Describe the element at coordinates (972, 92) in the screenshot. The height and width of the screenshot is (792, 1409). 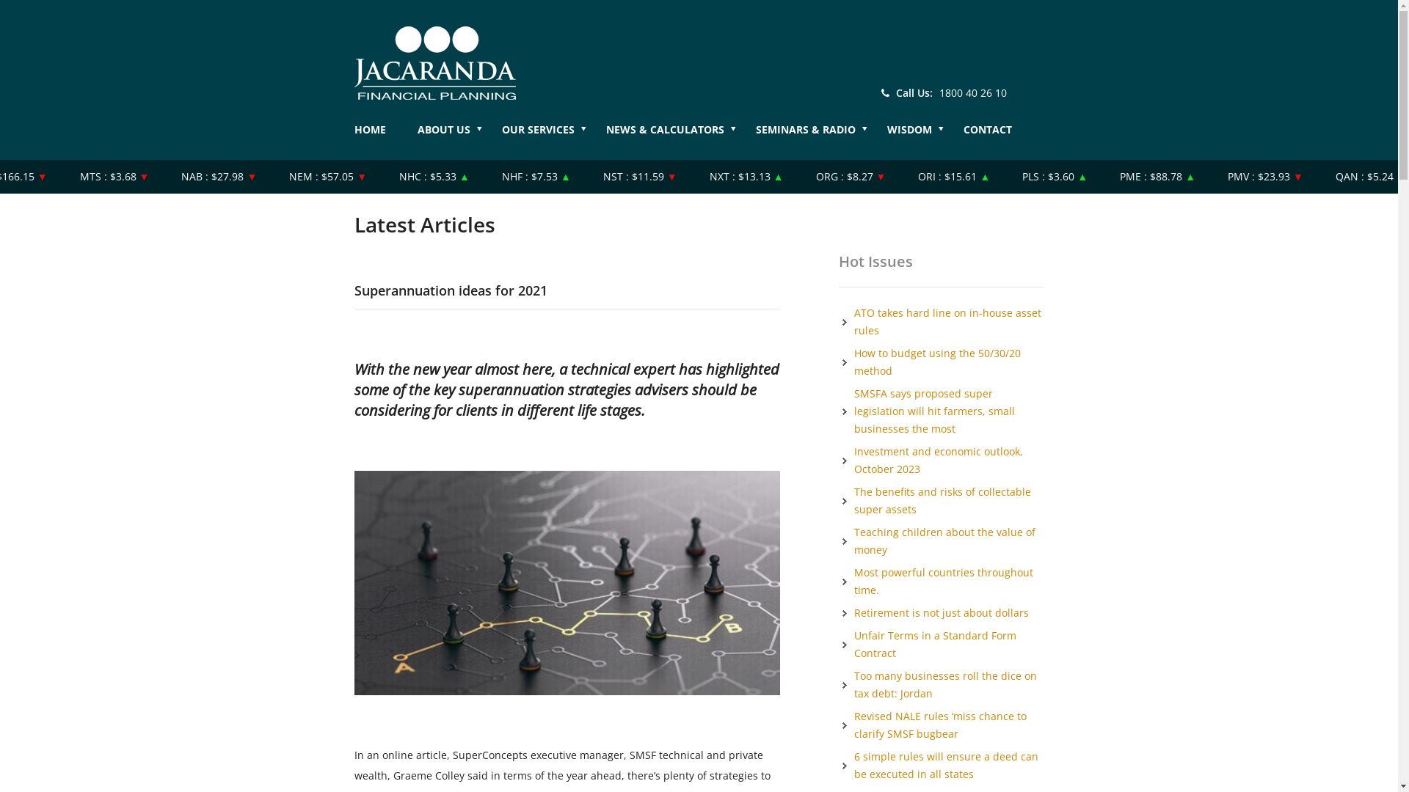
I see `'1800 40 26 10'` at that location.